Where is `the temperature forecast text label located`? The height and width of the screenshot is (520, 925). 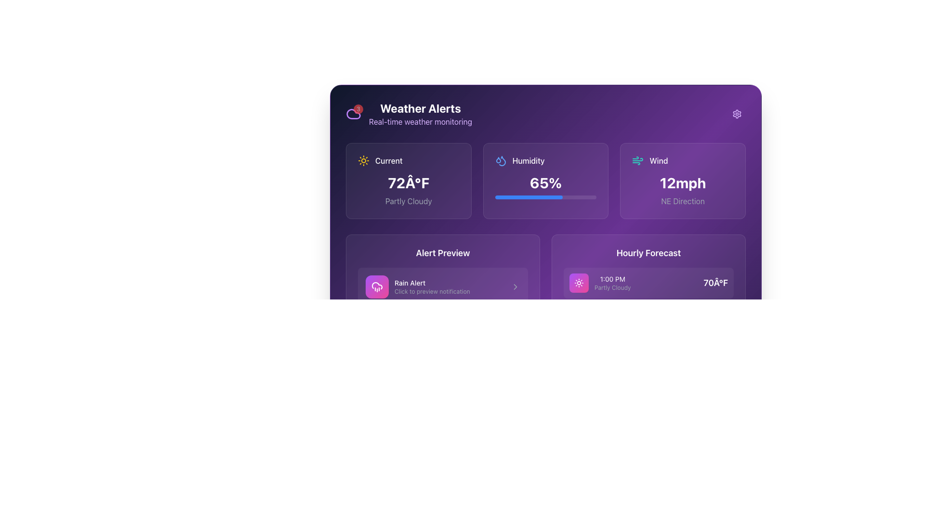
the temperature forecast text label located is located at coordinates (715, 282).